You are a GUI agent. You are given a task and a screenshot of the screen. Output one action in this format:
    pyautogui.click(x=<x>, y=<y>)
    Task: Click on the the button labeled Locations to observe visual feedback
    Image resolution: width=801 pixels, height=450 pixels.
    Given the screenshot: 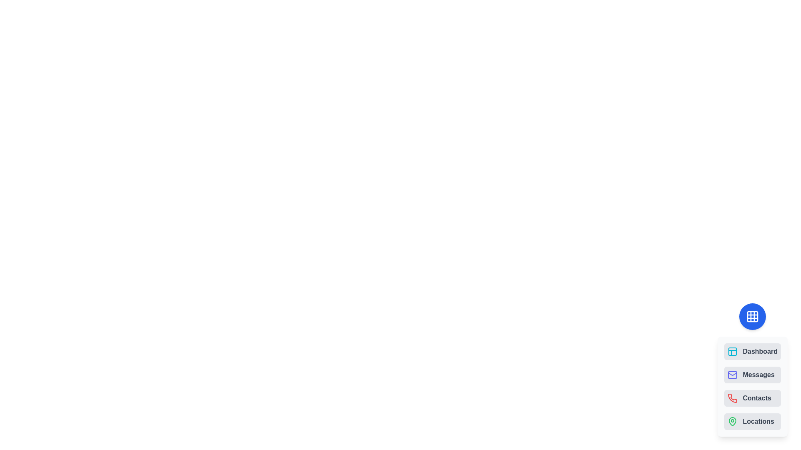 What is the action you would take?
    pyautogui.click(x=753, y=421)
    